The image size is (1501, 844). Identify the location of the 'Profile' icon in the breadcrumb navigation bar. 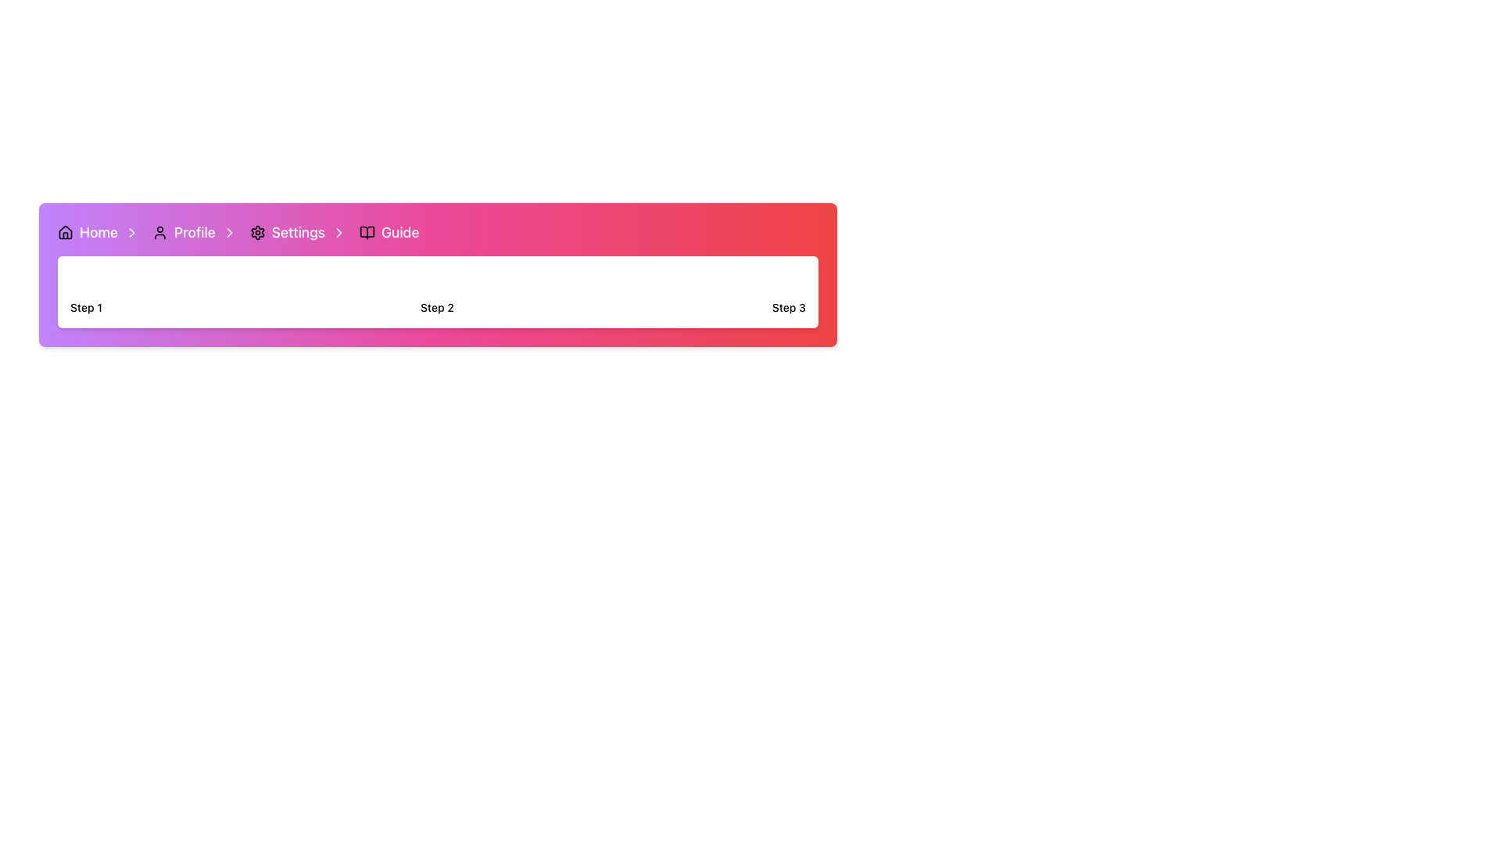
(160, 232).